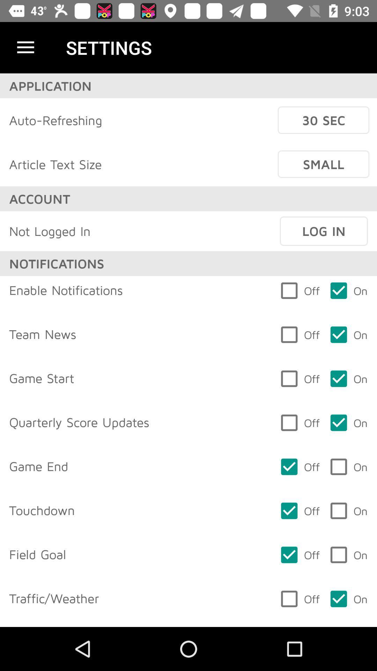  I want to click on icon on the right side of game start, so click(299, 378).